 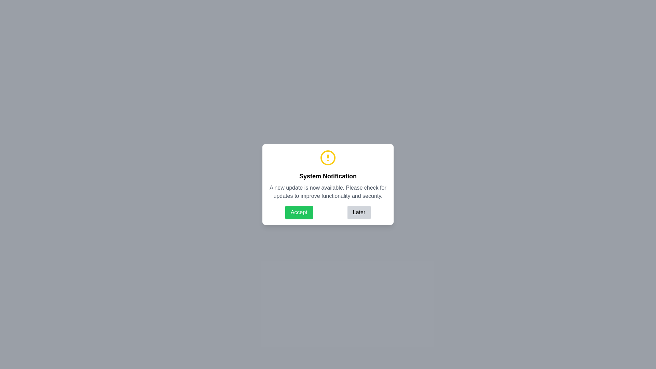 I want to click on the buttons in the notification dialog box that contains 'Accept' and 'Later' options, located at the bottom section of the dialog, so click(x=328, y=212).